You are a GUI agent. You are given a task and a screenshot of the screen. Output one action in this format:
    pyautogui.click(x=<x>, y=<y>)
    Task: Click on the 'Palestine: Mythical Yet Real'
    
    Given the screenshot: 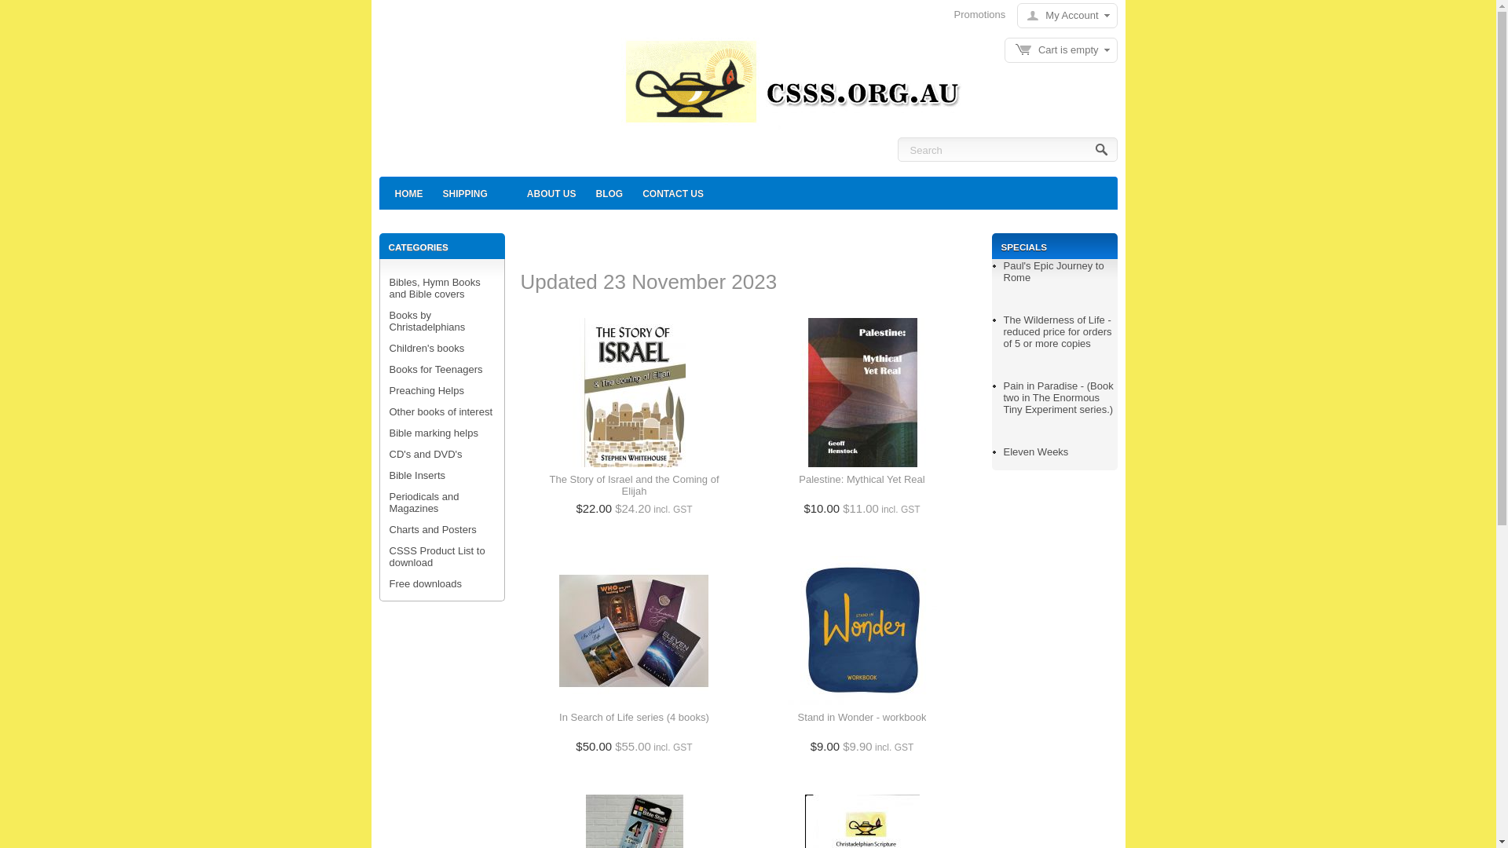 What is the action you would take?
    pyautogui.click(x=799, y=484)
    